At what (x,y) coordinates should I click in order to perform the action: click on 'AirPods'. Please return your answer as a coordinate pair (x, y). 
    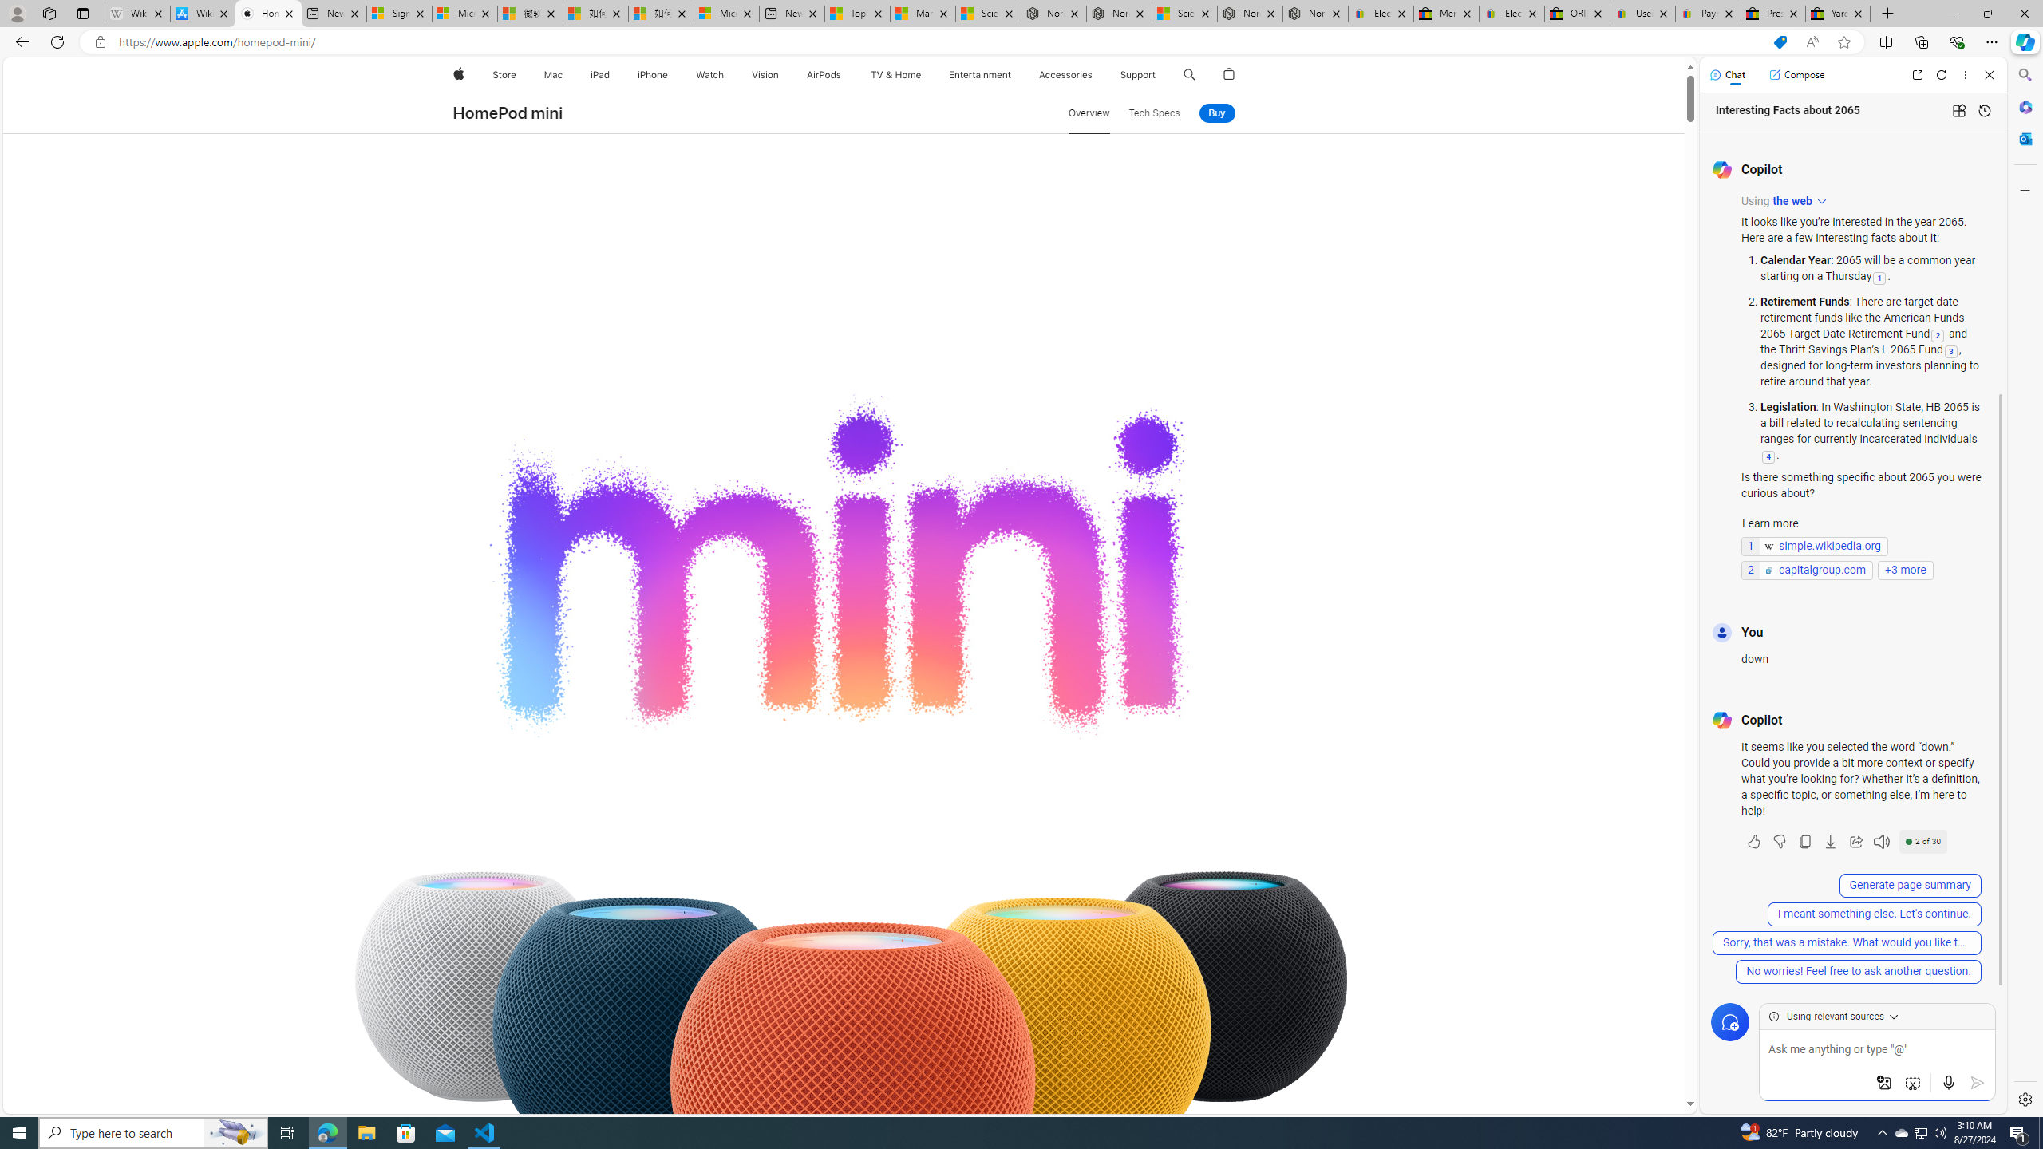
    Looking at the image, I should click on (823, 74).